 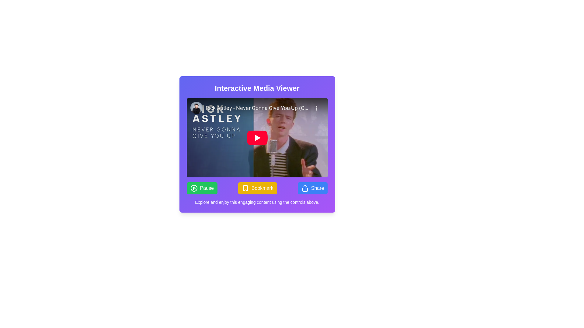 What do you see at coordinates (305, 188) in the screenshot?
I see `the share arrow SVG icon located to the left of the 'Share' text within the blue rounded button at the bottom-right corner of the card` at bounding box center [305, 188].